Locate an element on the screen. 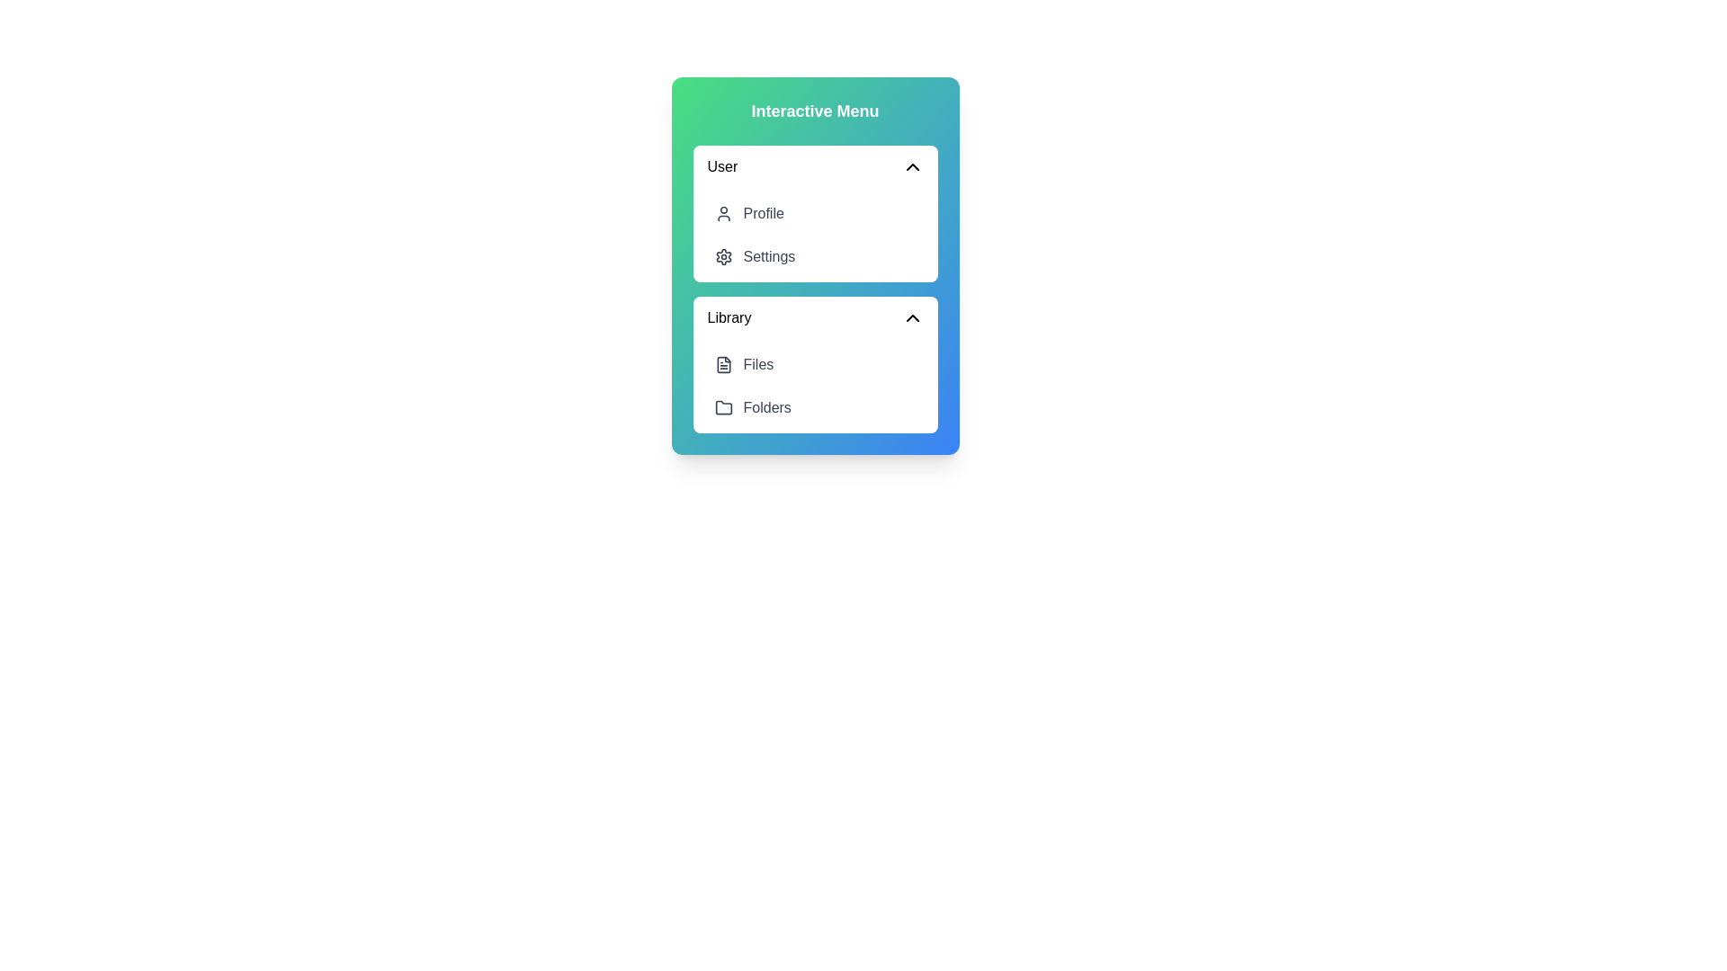 The height and width of the screenshot is (971, 1727). the menu item Folders to observe its hover style is located at coordinates (814, 408).